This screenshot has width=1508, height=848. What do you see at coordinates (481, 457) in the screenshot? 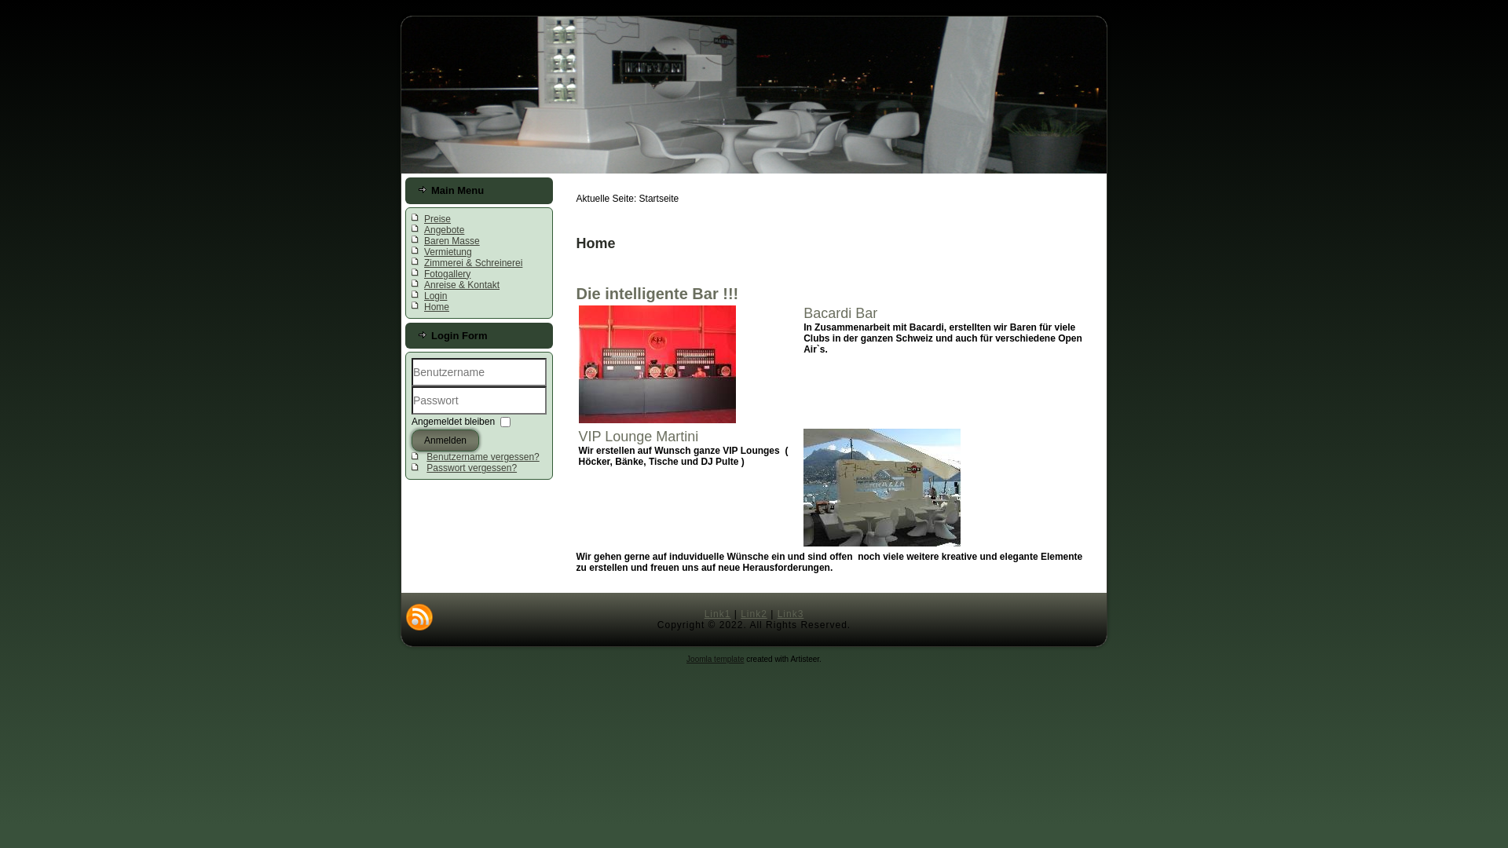
I see `'Benutzername vergessen?'` at bounding box center [481, 457].